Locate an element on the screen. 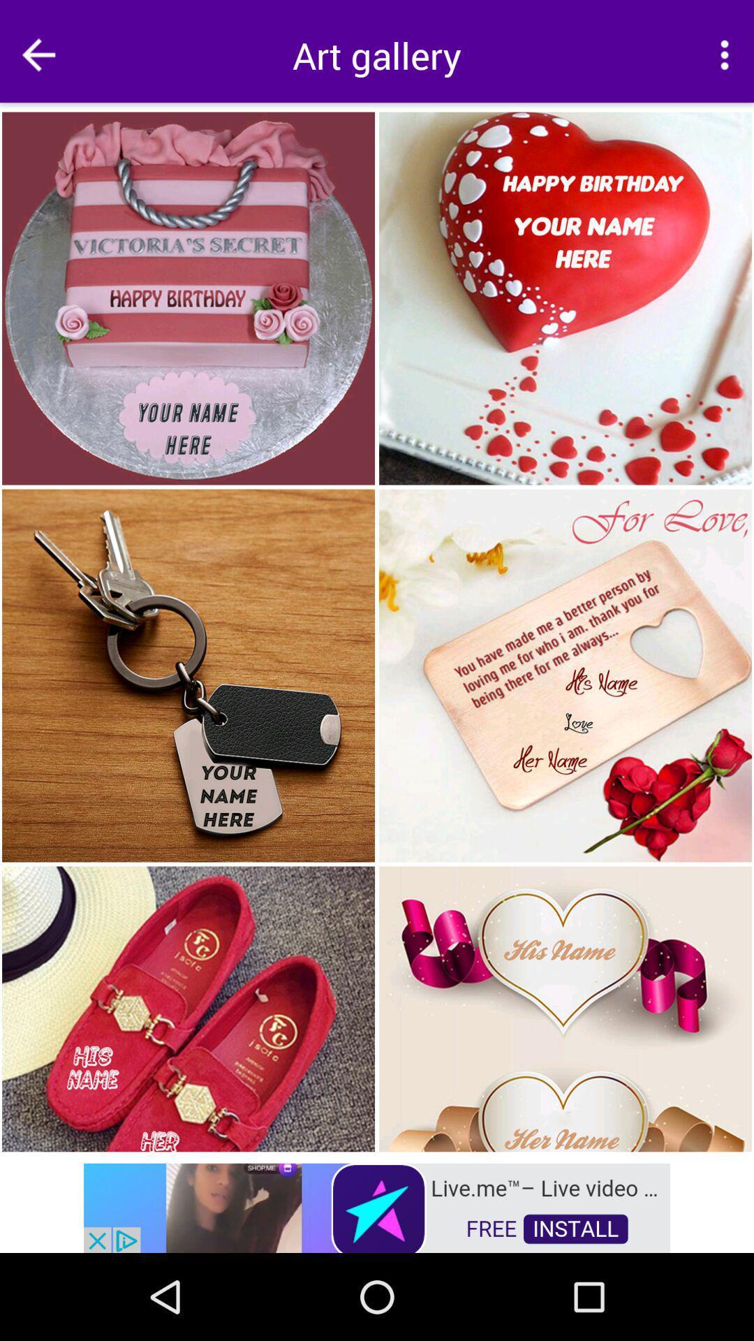  the more icon is located at coordinates (723, 58).